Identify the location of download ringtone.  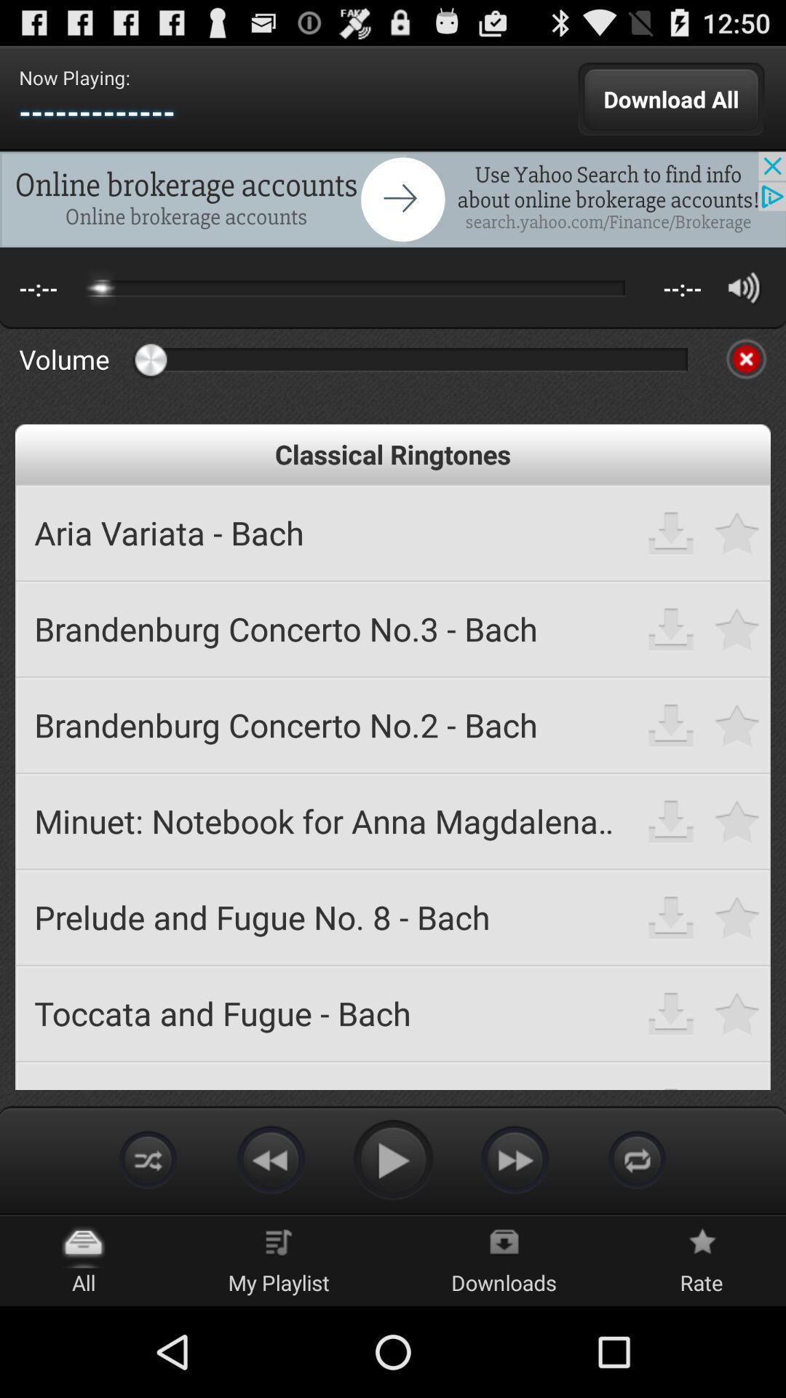
(671, 532).